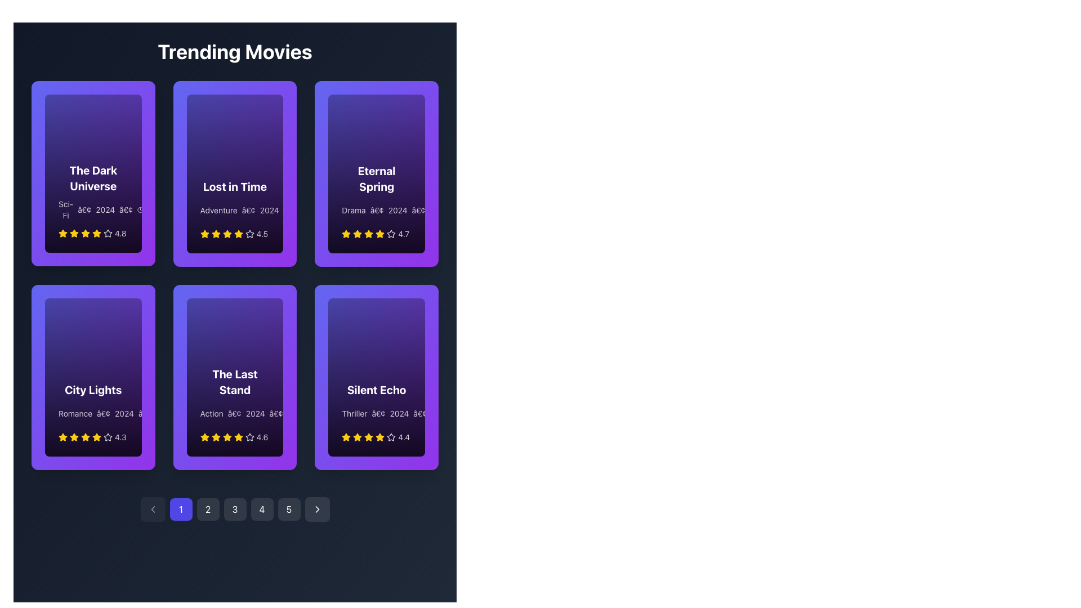  What do you see at coordinates (377, 210) in the screenshot?
I see `the text label displaying 'Drama • 2024 • 2h 05m', which is located below the title 'Eternal Spring' and above the rating stars in the top-right section of the grid` at bounding box center [377, 210].